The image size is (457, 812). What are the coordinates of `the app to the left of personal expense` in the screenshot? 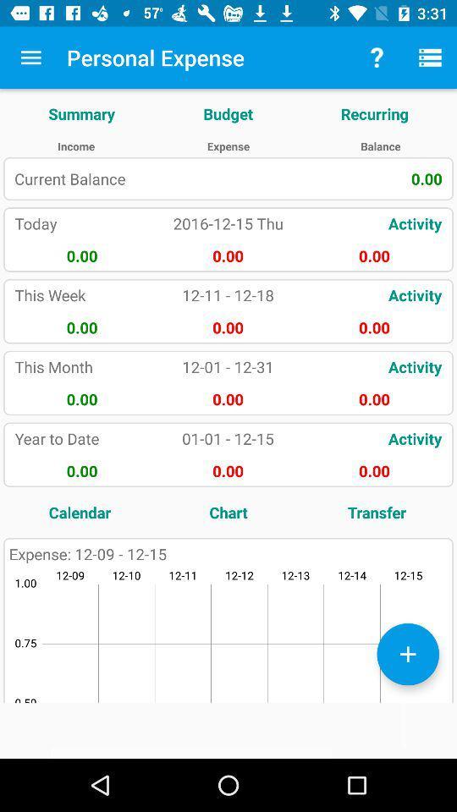 It's located at (30, 58).